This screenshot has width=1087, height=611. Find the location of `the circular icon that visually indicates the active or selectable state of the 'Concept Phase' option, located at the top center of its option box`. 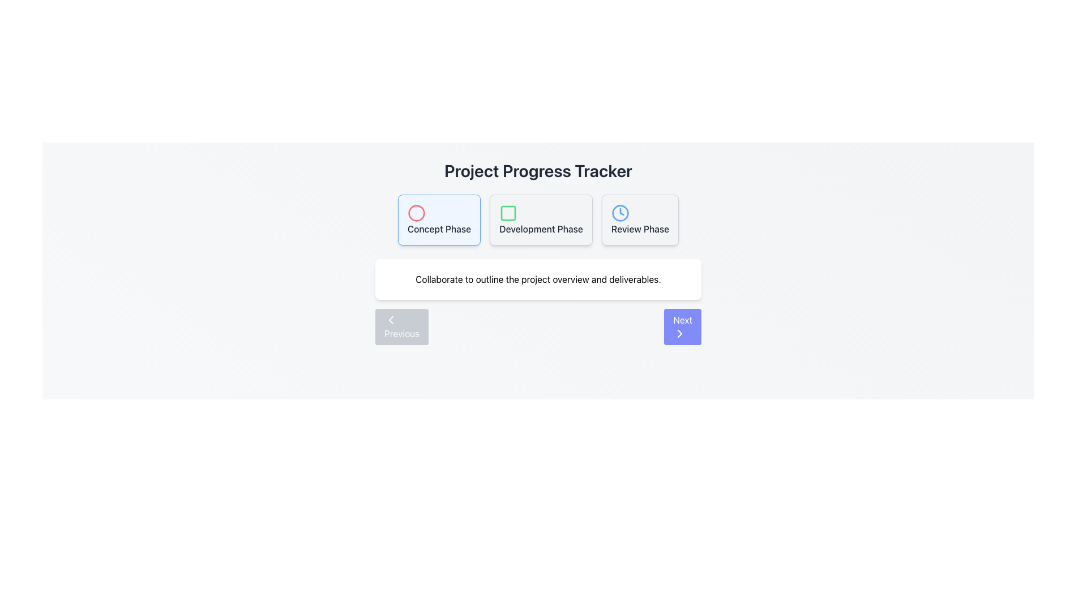

the circular icon that visually indicates the active or selectable state of the 'Concept Phase' option, located at the top center of its option box is located at coordinates (416, 213).